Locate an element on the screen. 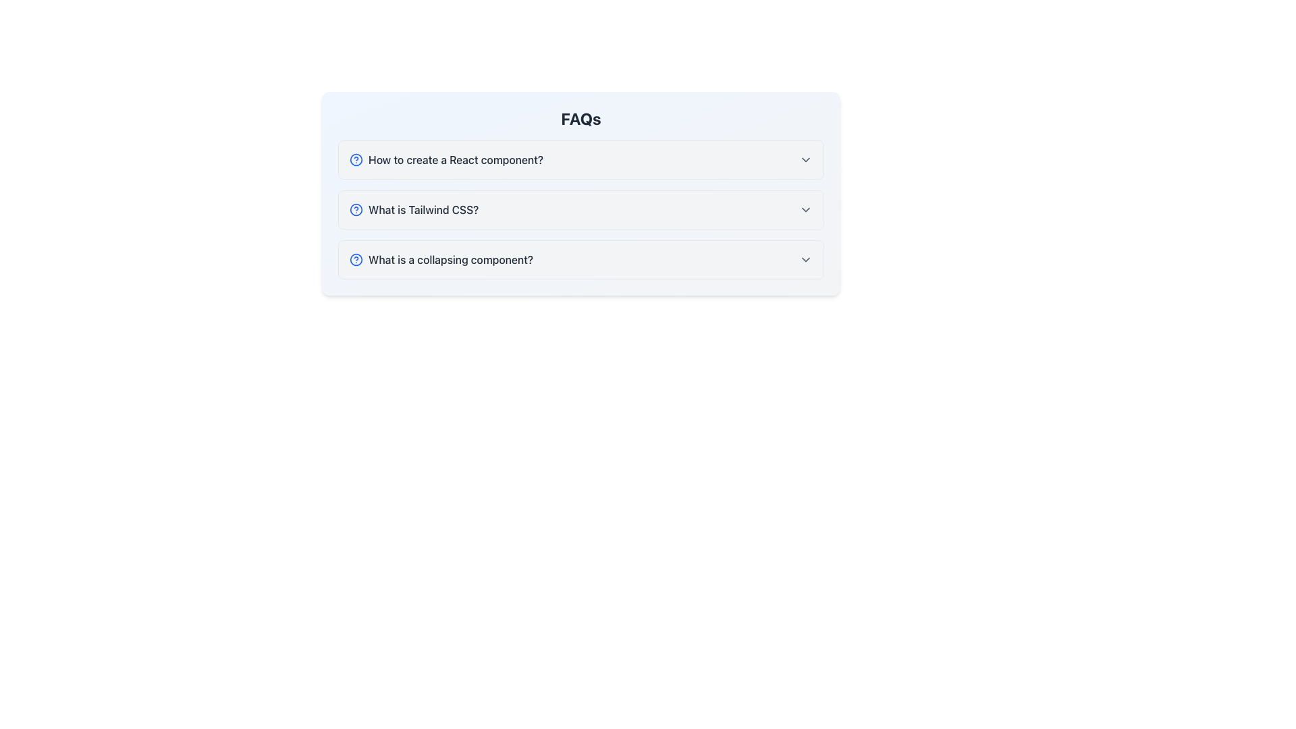 The height and width of the screenshot is (729, 1296). the Circular SVG element, which is styled in blue and positioned near the question text 'What is Tailwind CSS?' is located at coordinates (356, 210).